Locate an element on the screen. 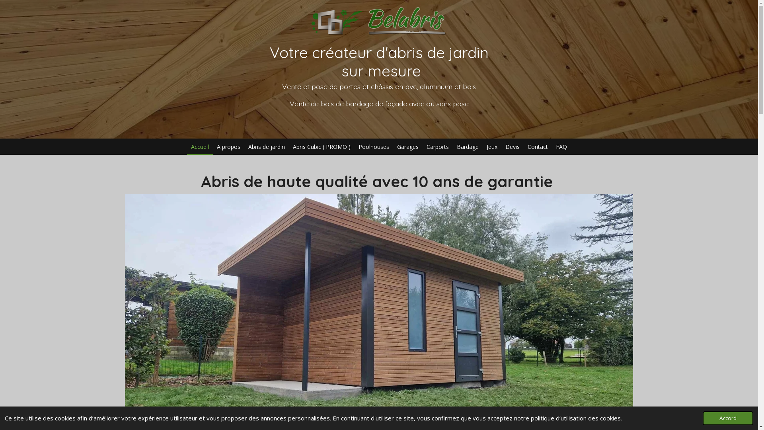 The height and width of the screenshot is (430, 764). 'Garages' is located at coordinates (408, 146).